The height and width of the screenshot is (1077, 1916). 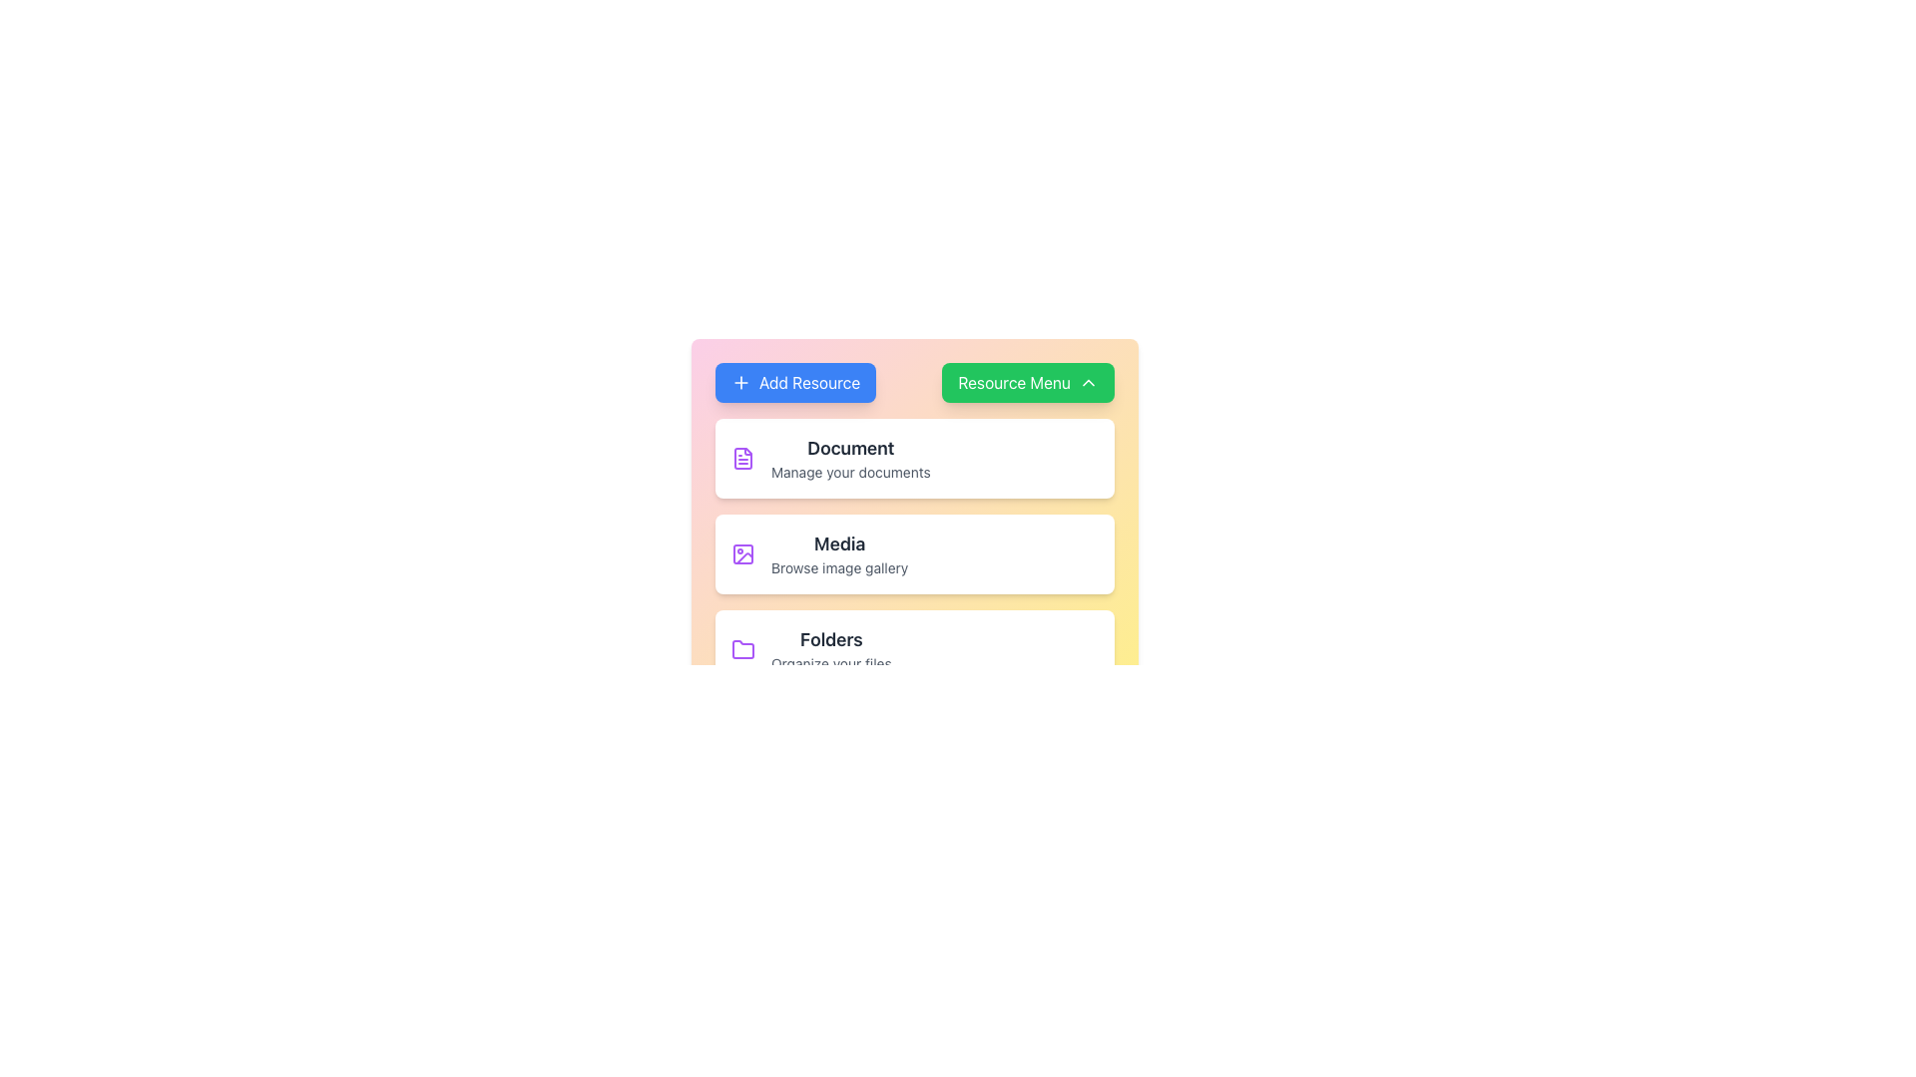 I want to click on the plus icon within the 'Add Resource' button, which is a minimalistic white cross on a blue background, positioned at the top-left corner of the interface, so click(x=740, y=383).